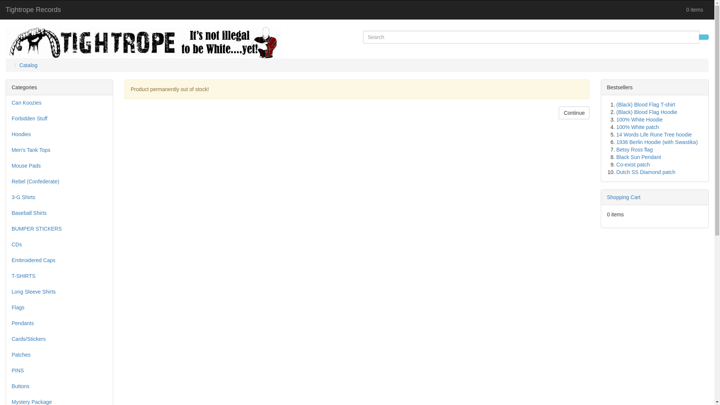  I want to click on 'Betsy Ross flag', so click(634, 149).